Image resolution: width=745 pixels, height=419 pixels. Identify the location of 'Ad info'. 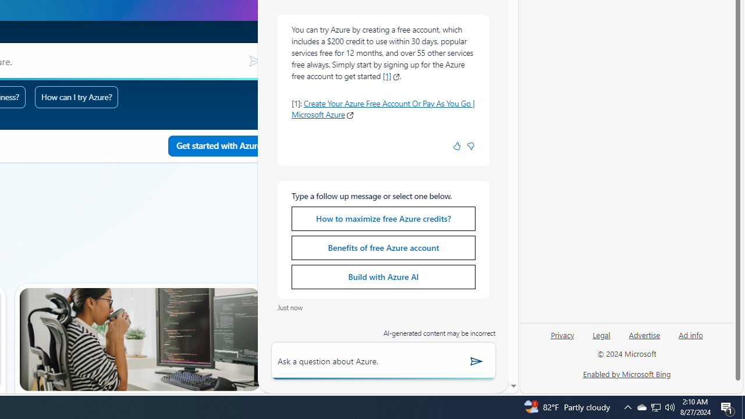
(691, 334).